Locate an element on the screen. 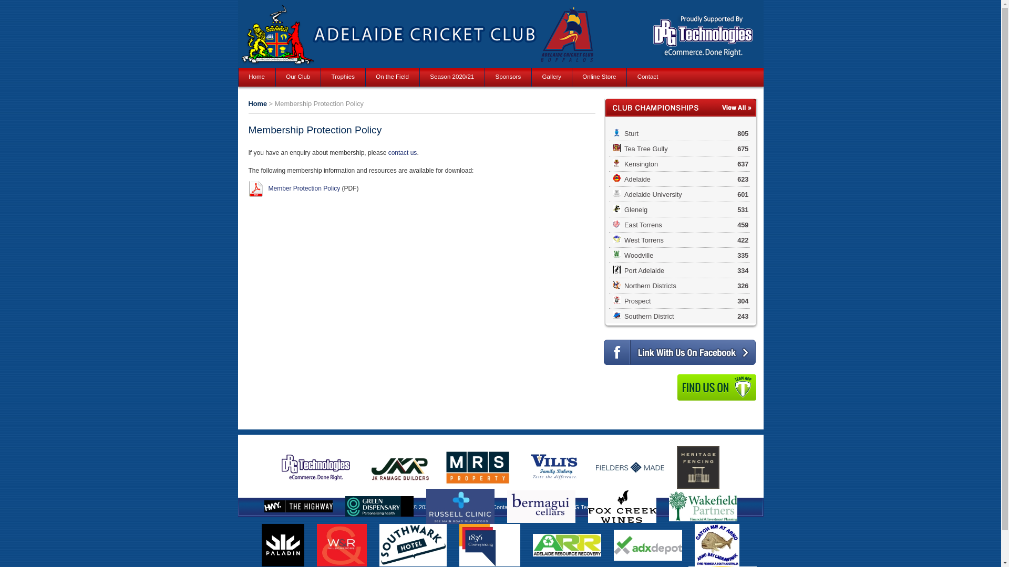  'contact us' is located at coordinates (402, 152).